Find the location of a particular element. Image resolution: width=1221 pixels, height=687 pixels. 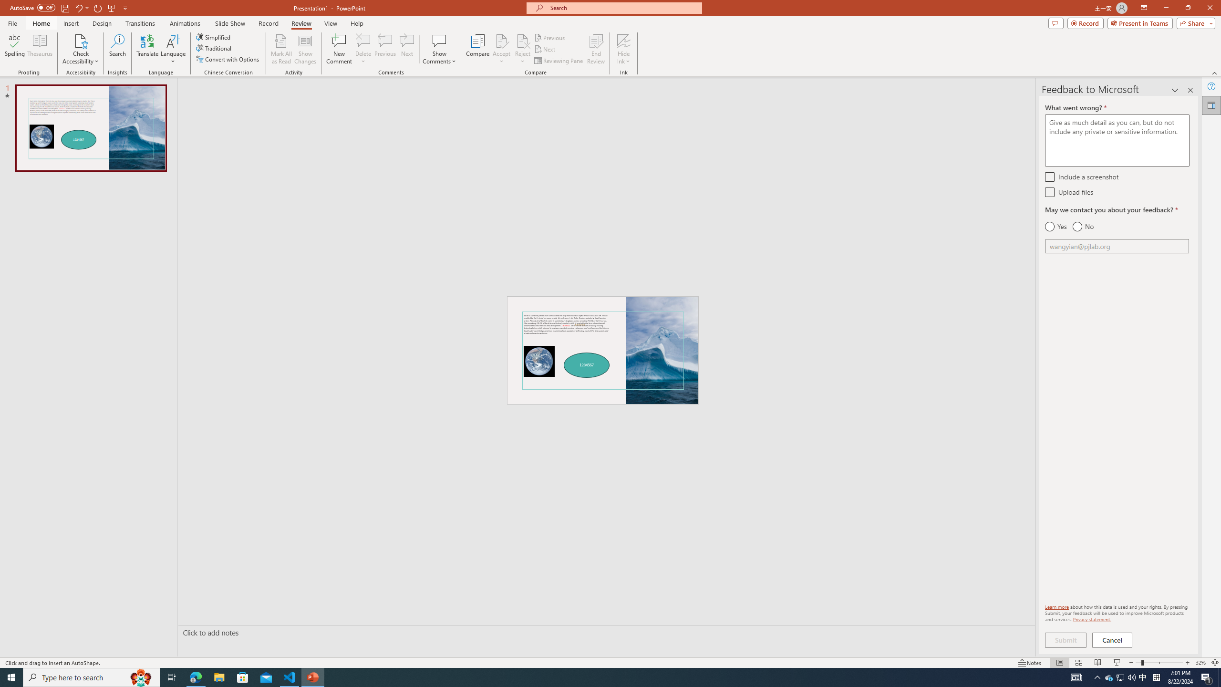

'Include a screenshot' is located at coordinates (1049, 176).